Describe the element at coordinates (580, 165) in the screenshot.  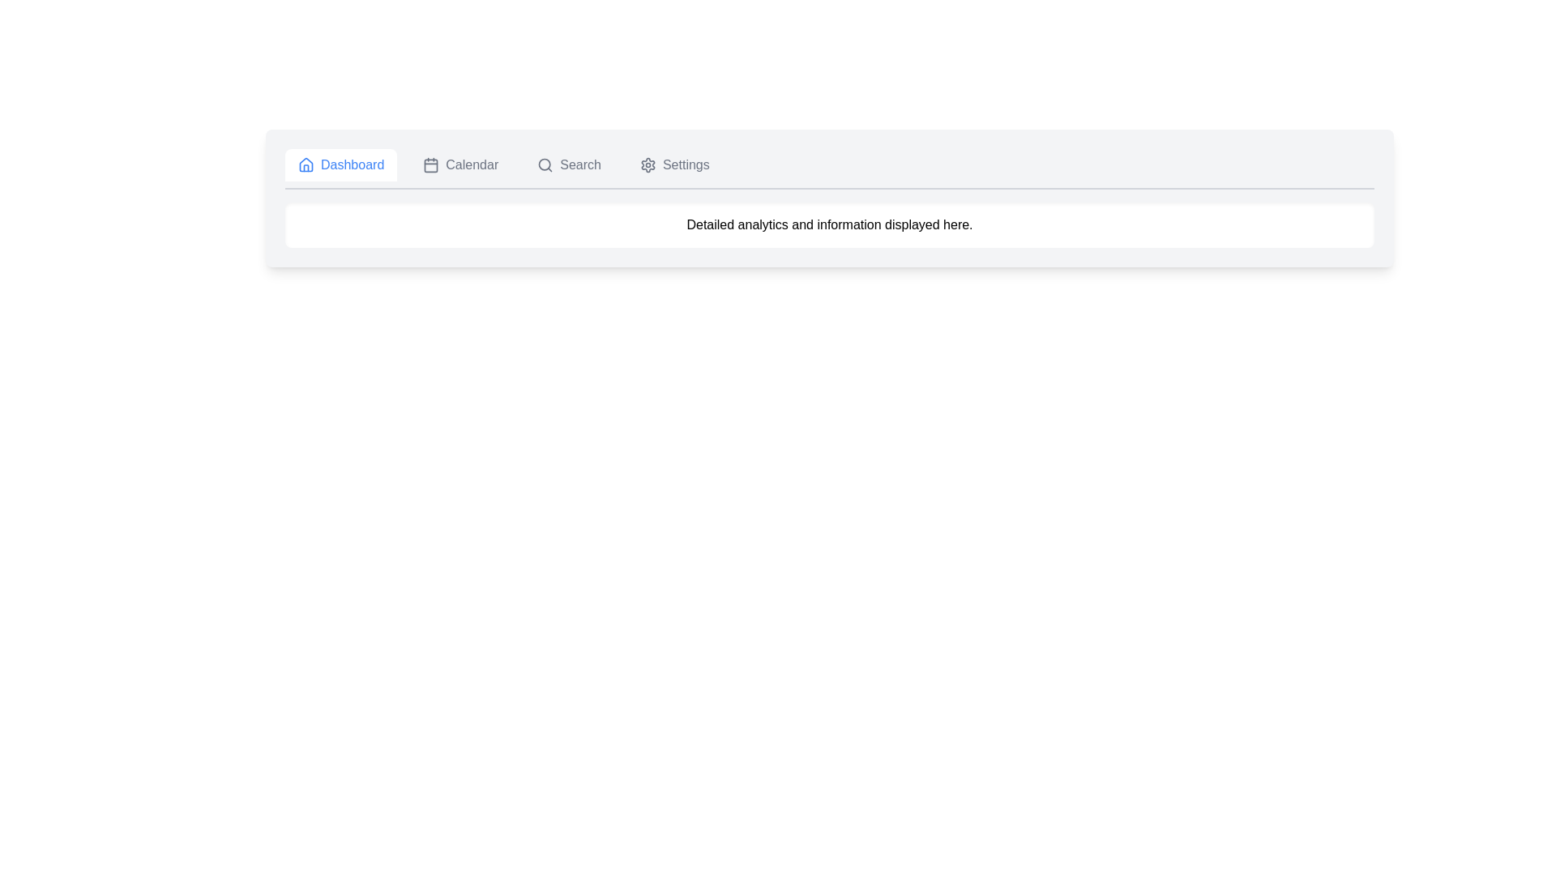
I see `text label that guides users to initiate a search action, positioned at the center-right of the top navigation bar` at that location.